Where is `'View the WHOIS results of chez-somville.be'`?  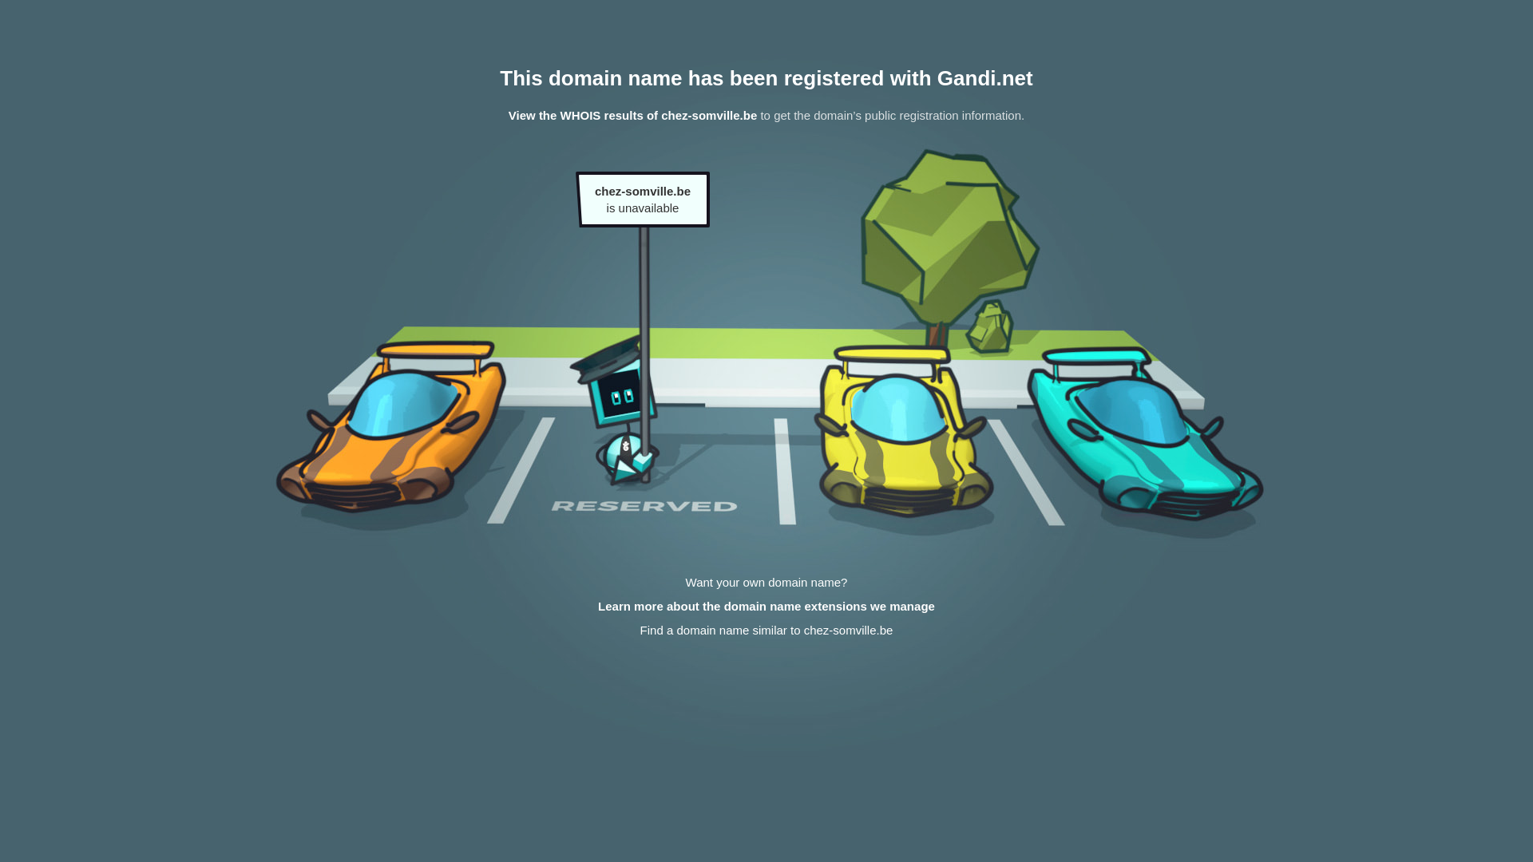
'View the WHOIS results of chez-somville.be' is located at coordinates (632, 114).